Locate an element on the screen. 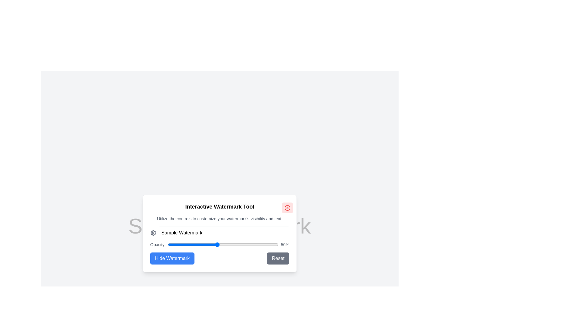 The image size is (578, 325). the opacity is located at coordinates (204, 245).